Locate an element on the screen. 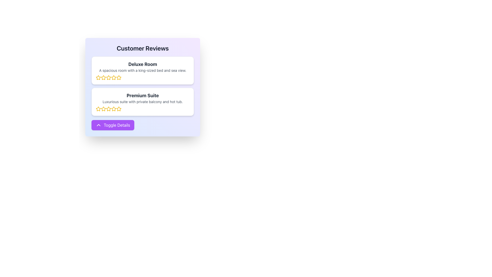  the third yellow star icon in the first rating row to interact with it is located at coordinates (114, 77).